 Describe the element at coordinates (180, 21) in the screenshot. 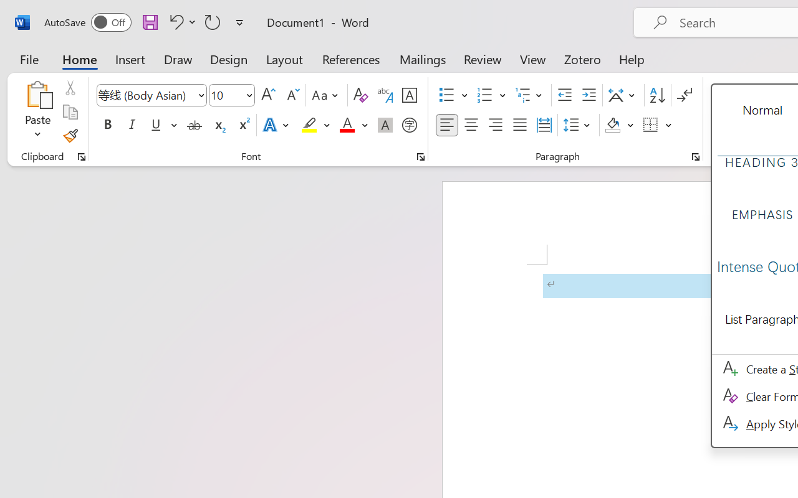

I see `'Undo Apply Quick Style'` at that location.